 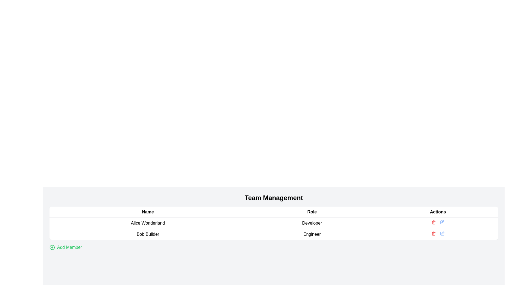 I want to click on the Icon button located below the 'Actions' header in the row for 'Alice Wonderland', so click(x=442, y=222).